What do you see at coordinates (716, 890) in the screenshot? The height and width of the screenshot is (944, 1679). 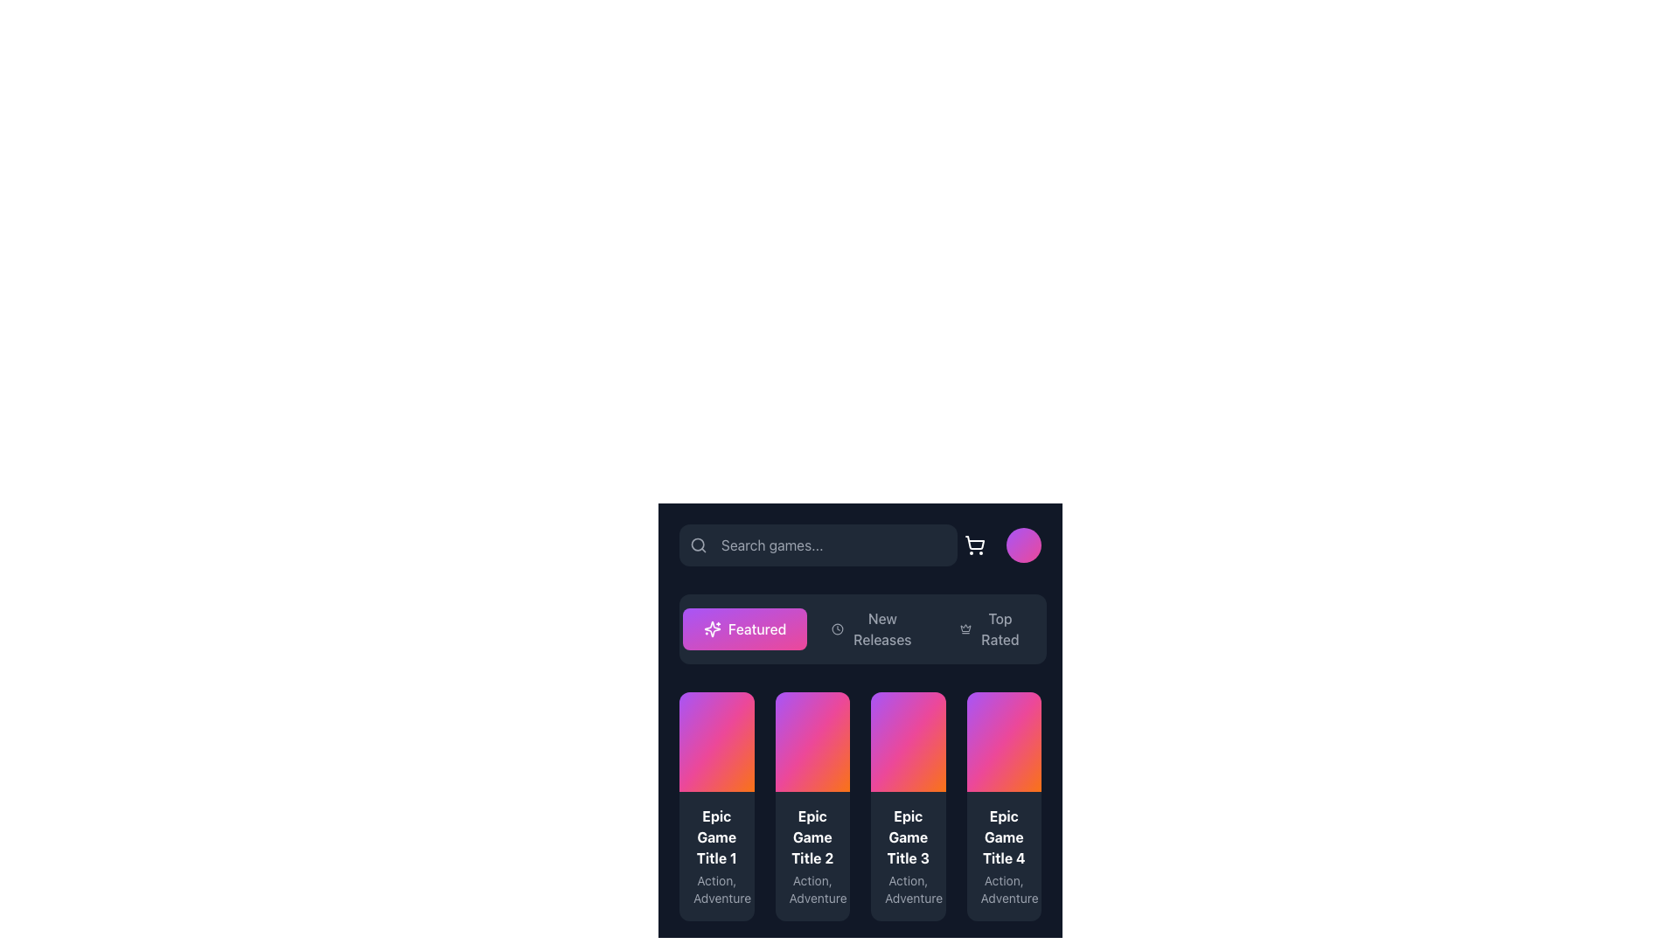 I see `text label that describes the genre or category of the associated game, which is located directly below the title 'Epic Game Title 1' in the first card of the horizontally-aligned set of game information cards` at bounding box center [716, 890].